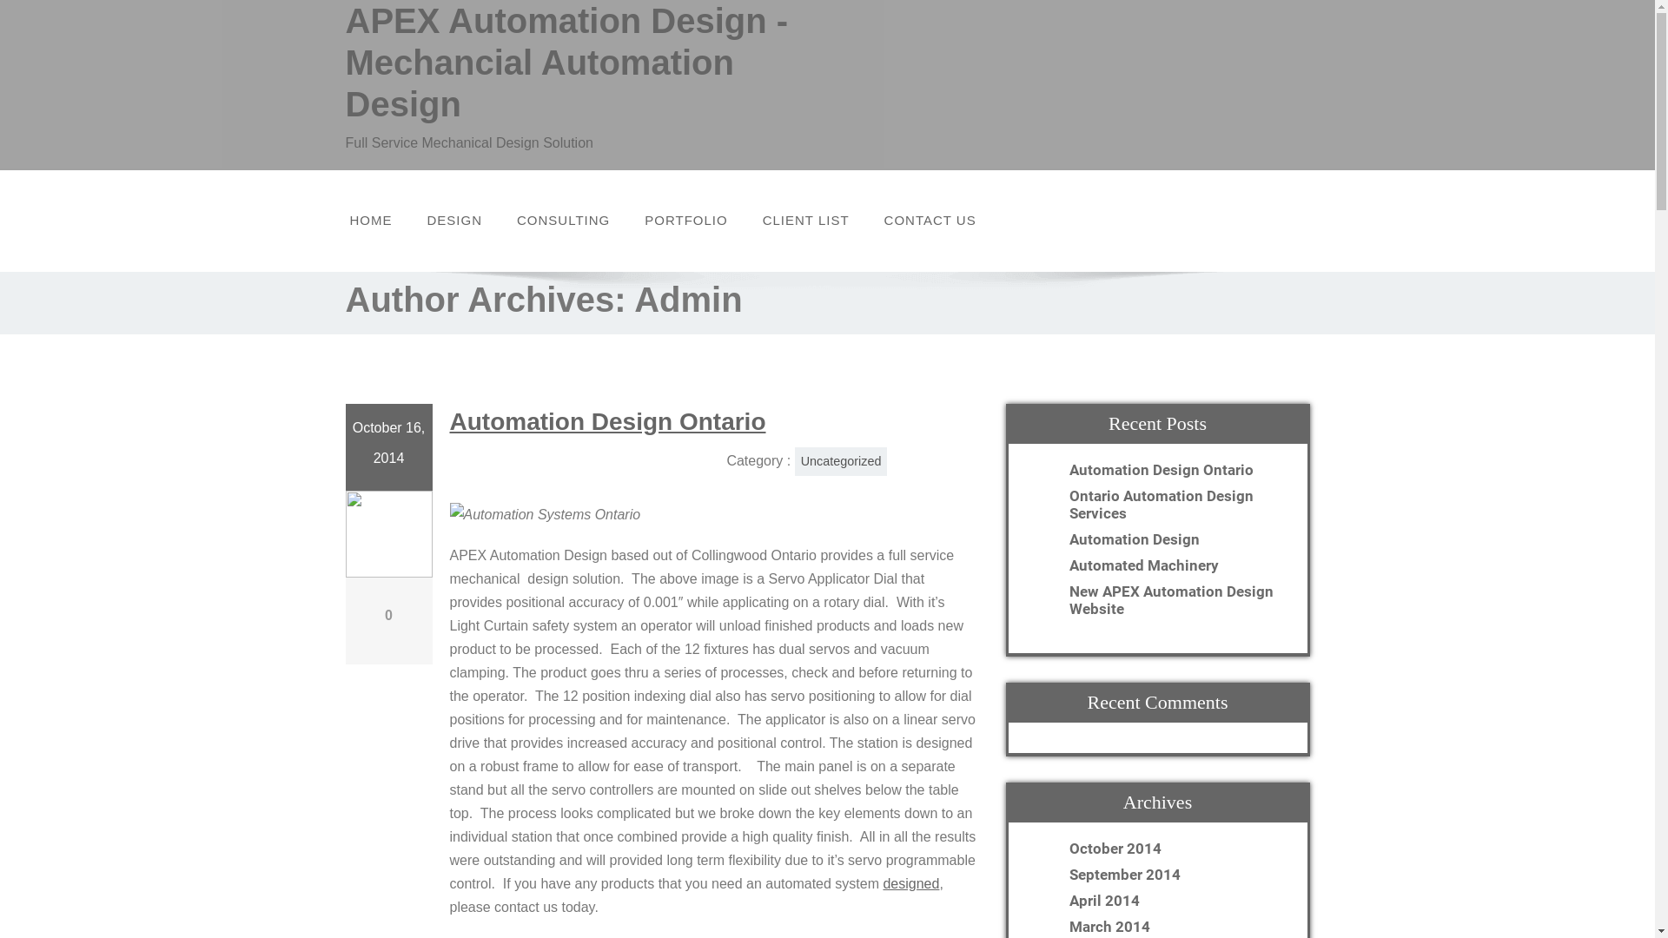 Image resolution: width=1668 pixels, height=938 pixels. I want to click on 'March 2014', so click(1103, 924).